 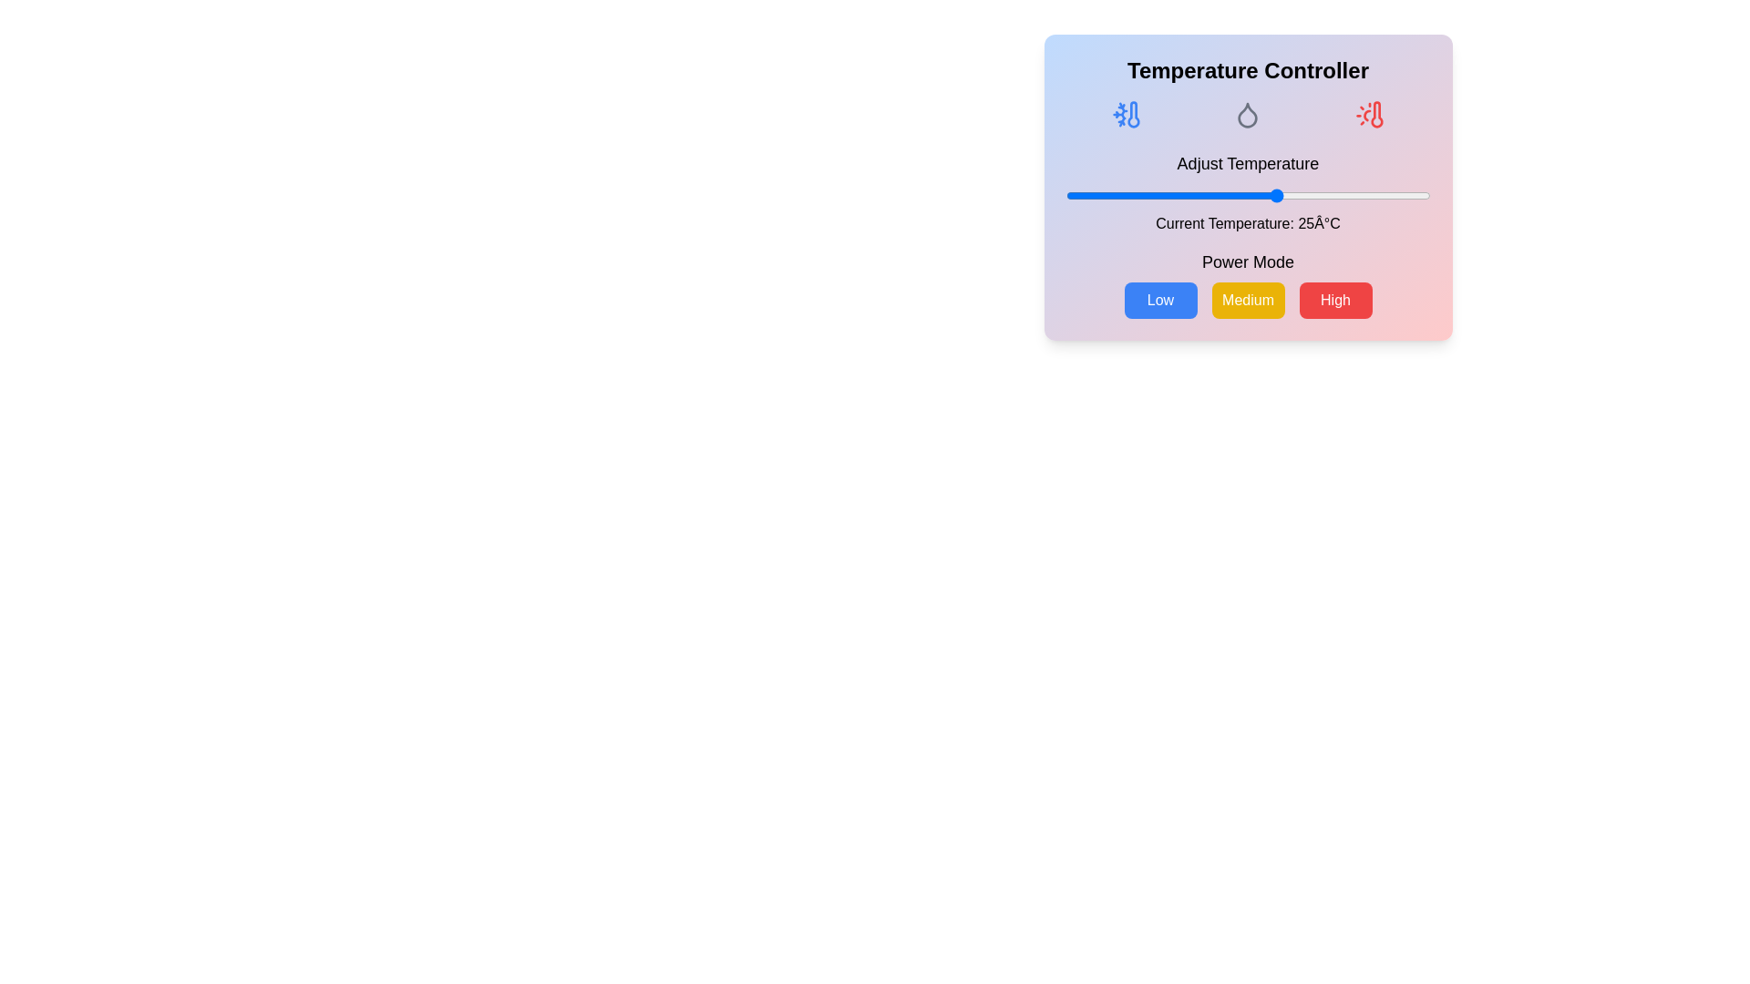 What do you see at coordinates (1302, 196) in the screenshot?
I see `the temperature to 29 degrees Celsius using the slider` at bounding box center [1302, 196].